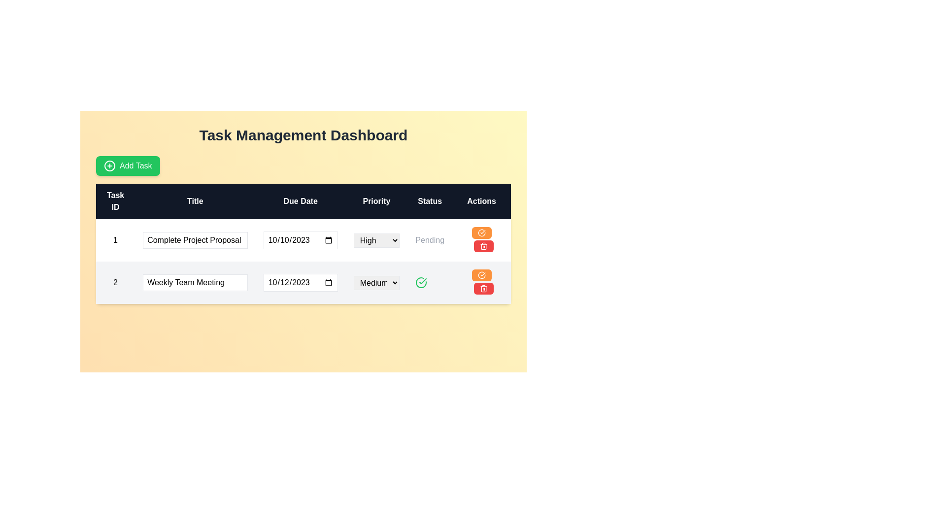  Describe the element at coordinates (300, 240) in the screenshot. I see `the Date input field in the 'Due Date' column of the first row` at that location.